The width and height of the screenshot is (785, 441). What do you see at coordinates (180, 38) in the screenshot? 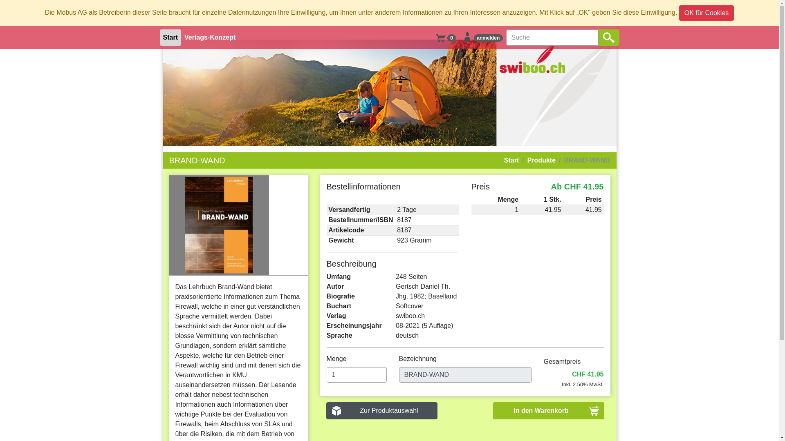
I see `'Verlags-Konzept'` at bounding box center [180, 38].